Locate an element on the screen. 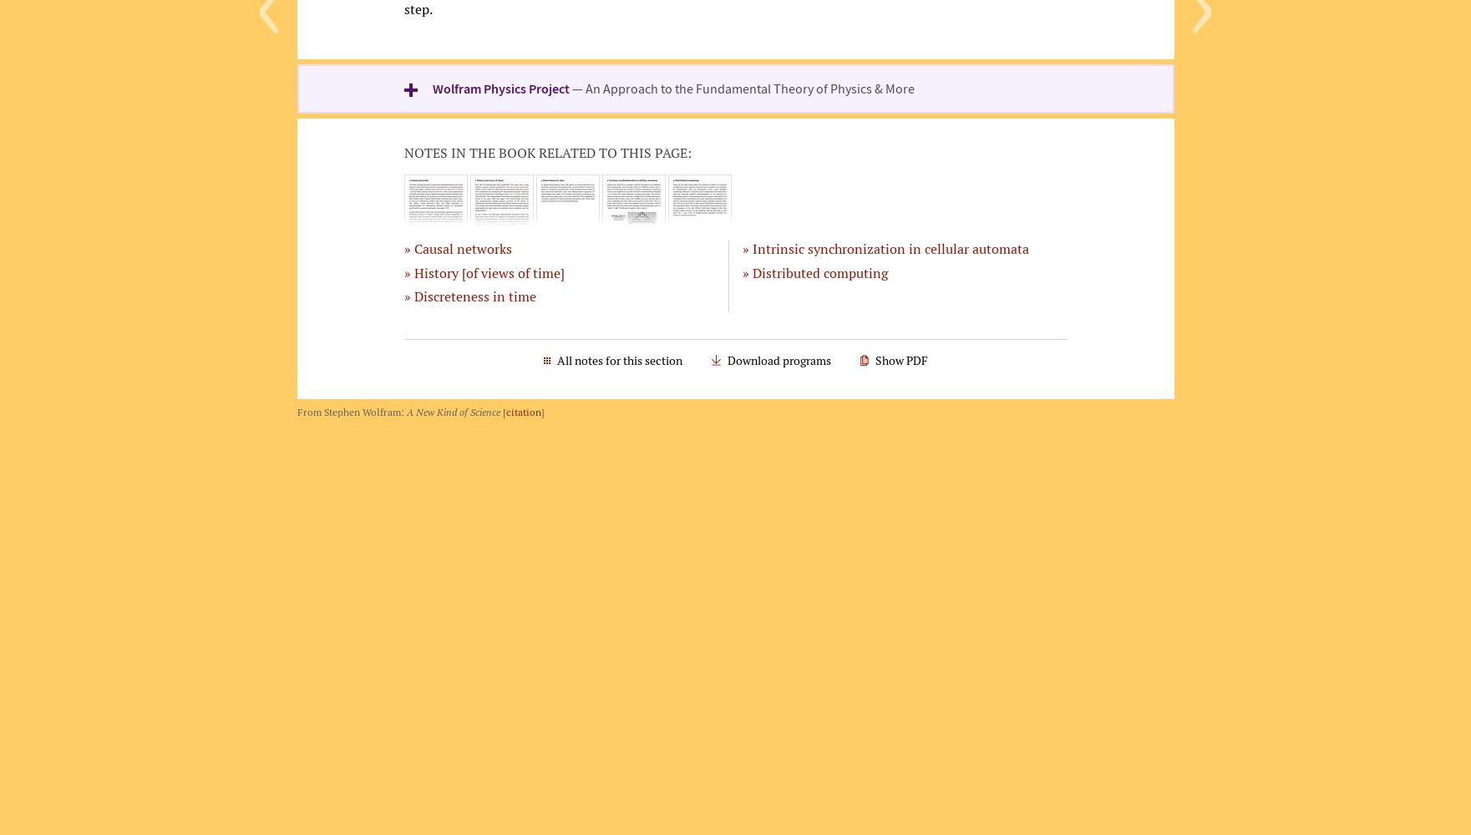  'Download programs' is located at coordinates (726, 360).